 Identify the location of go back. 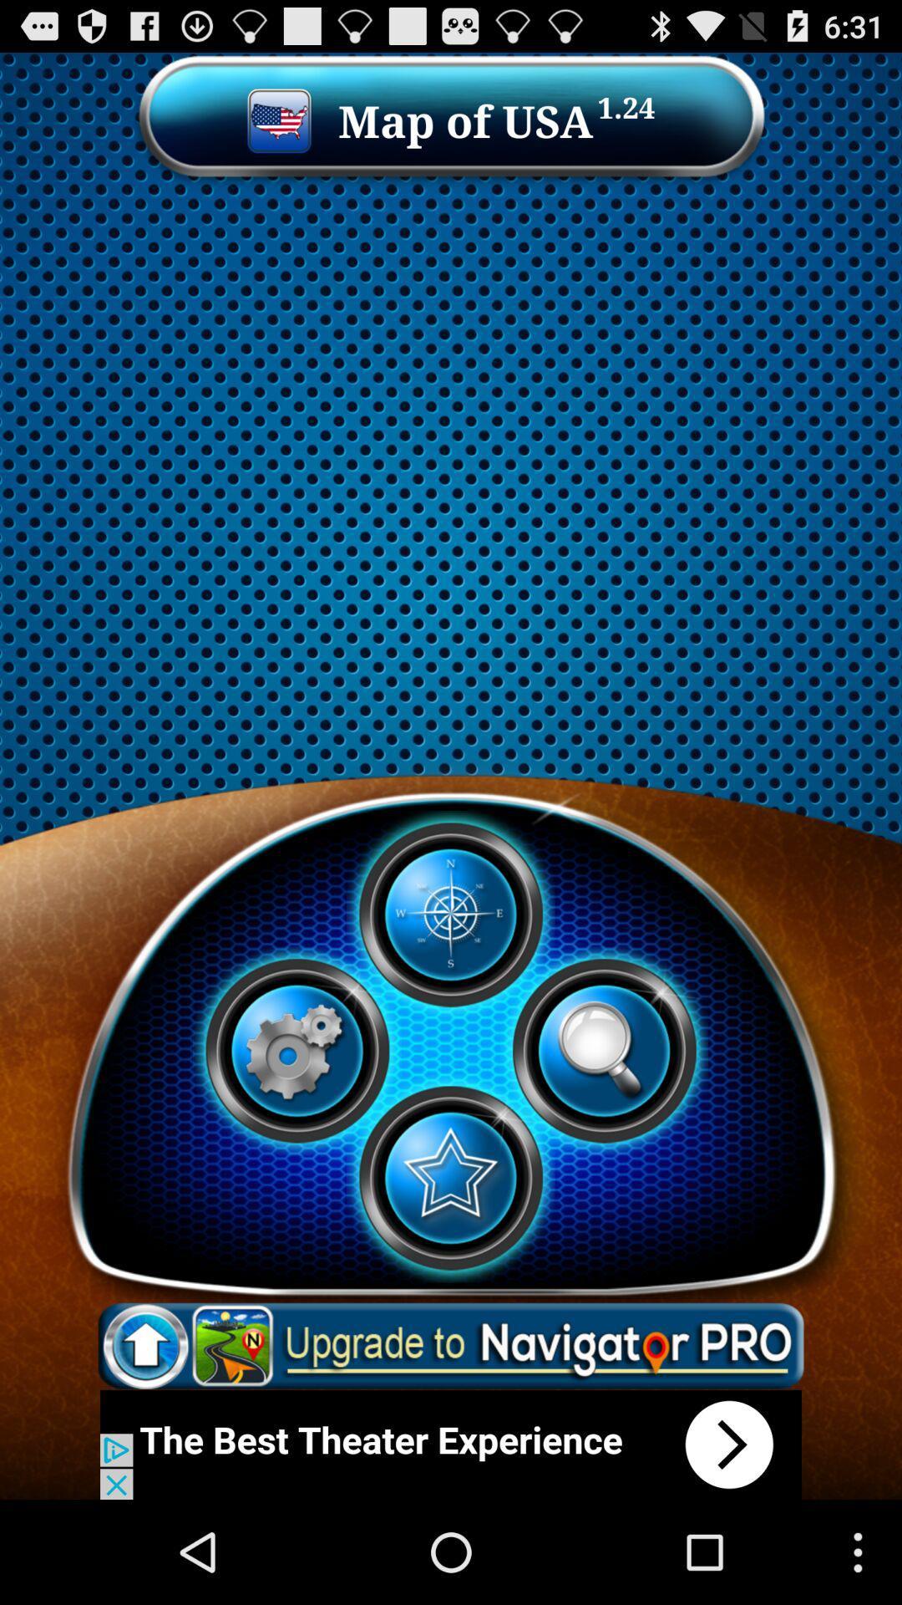
(451, 1444).